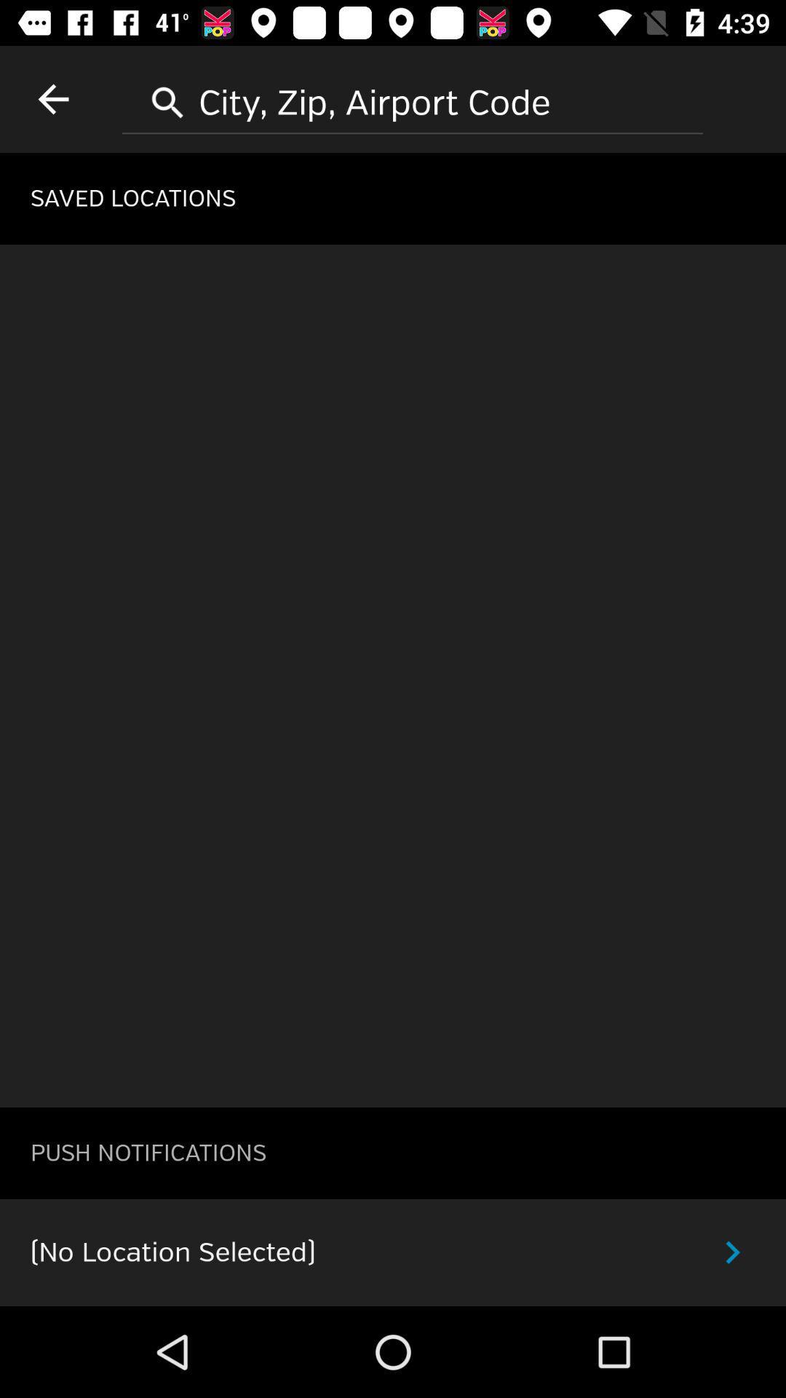 This screenshot has height=1398, width=786. Describe the element at coordinates (413, 97) in the screenshot. I see `search the city` at that location.